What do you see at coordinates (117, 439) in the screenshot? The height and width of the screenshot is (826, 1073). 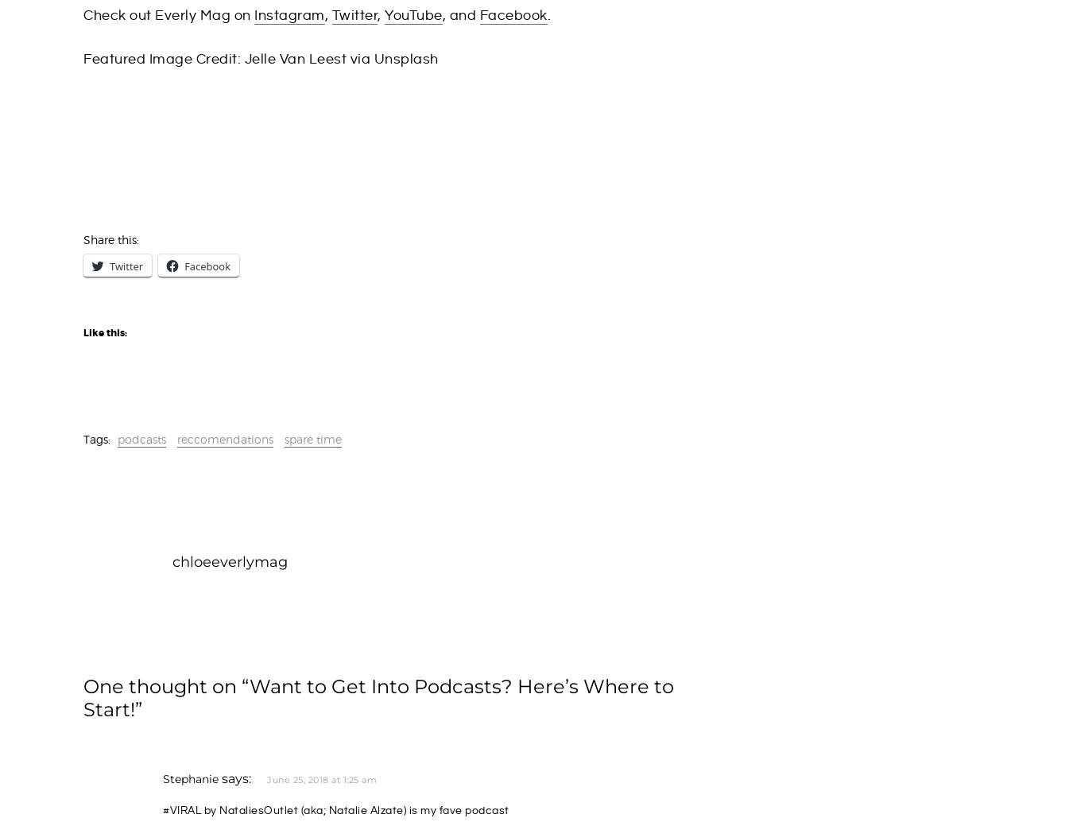 I see `'podcasts'` at bounding box center [117, 439].